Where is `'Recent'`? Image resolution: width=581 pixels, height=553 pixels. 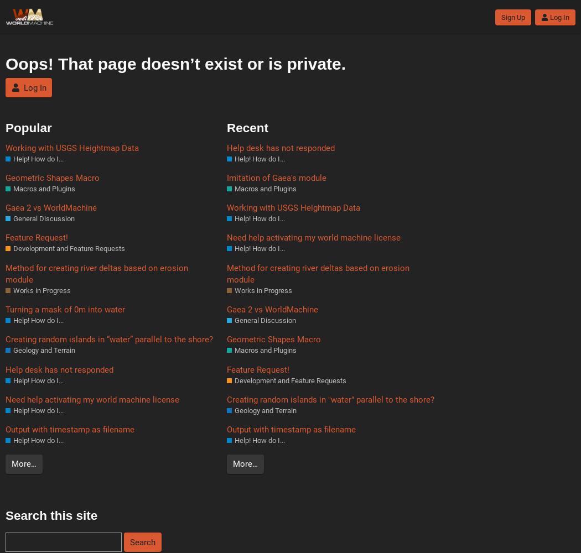
'Recent' is located at coordinates (247, 127).